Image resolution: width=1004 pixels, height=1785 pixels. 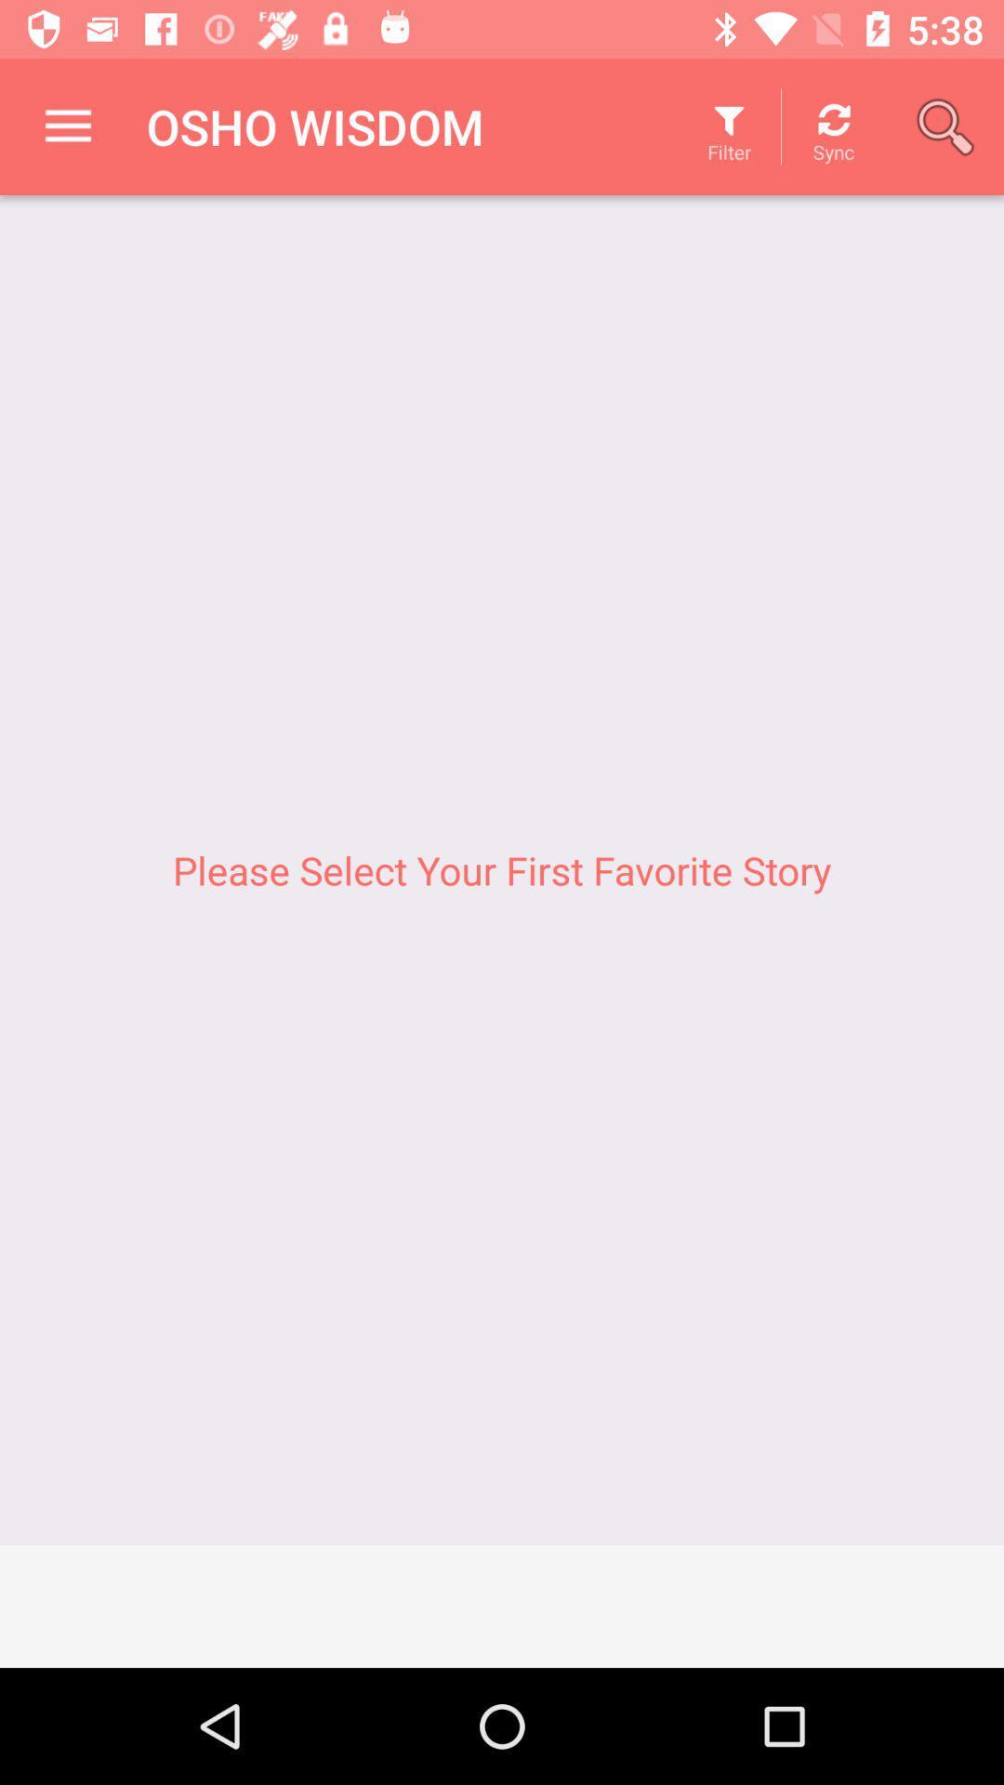 What do you see at coordinates (67, 126) in the screenshot?
I see `icon above please select your` at bounding box center [67, 126].